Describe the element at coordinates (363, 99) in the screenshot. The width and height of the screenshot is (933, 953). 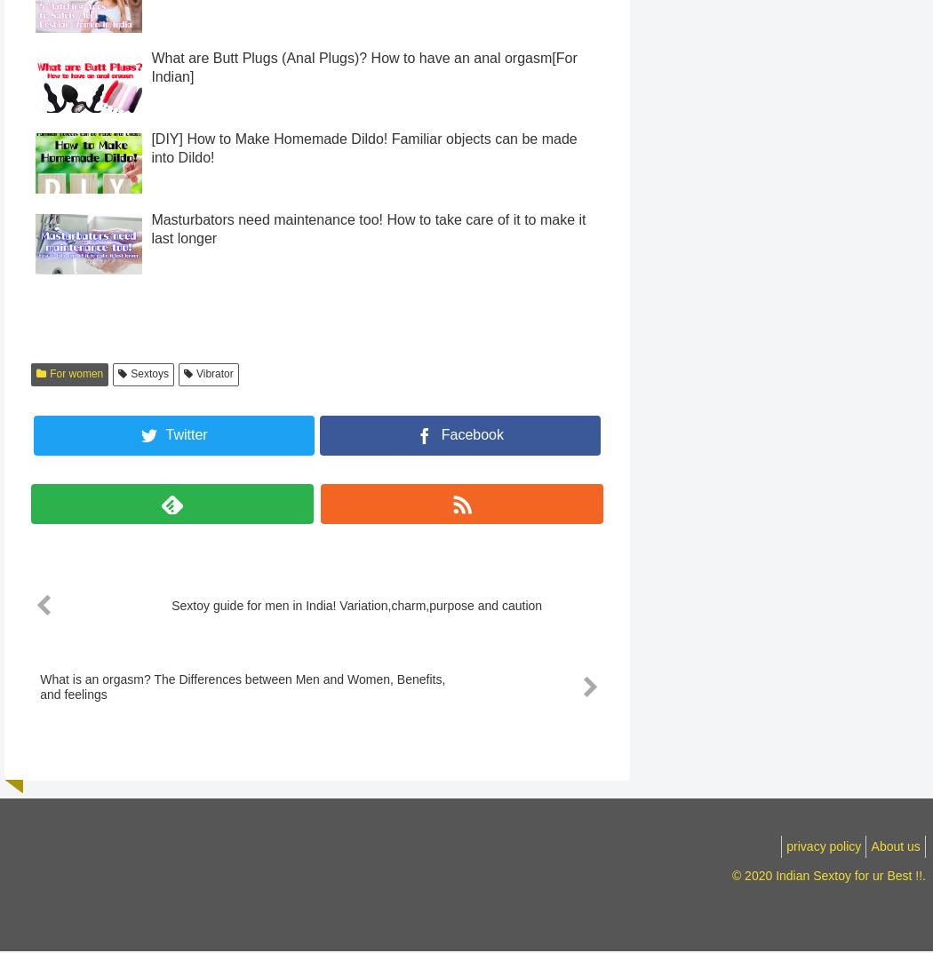
I see `'What are Butt Plugs (Anal Plugs)? How to have an anal orgasm[For Indian]'` at that location.